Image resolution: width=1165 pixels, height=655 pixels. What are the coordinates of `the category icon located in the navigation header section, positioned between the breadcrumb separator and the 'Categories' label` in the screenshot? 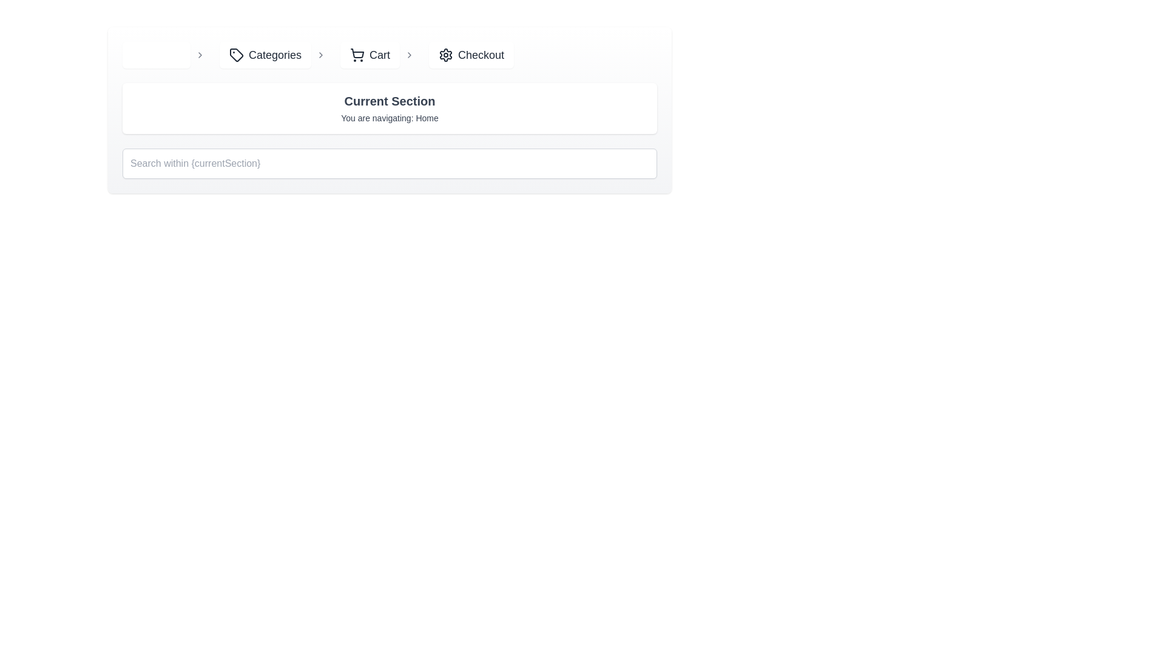 It's located at (236, 53).